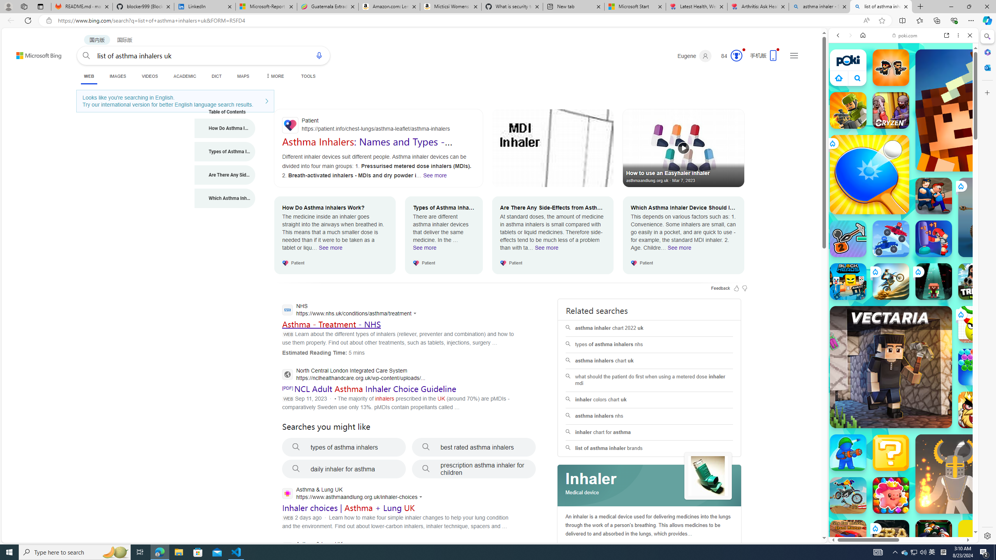 Image resolution: width=996 pixels, height=560 pixels. I want to click on 'TOOLS', so click(308, 76).